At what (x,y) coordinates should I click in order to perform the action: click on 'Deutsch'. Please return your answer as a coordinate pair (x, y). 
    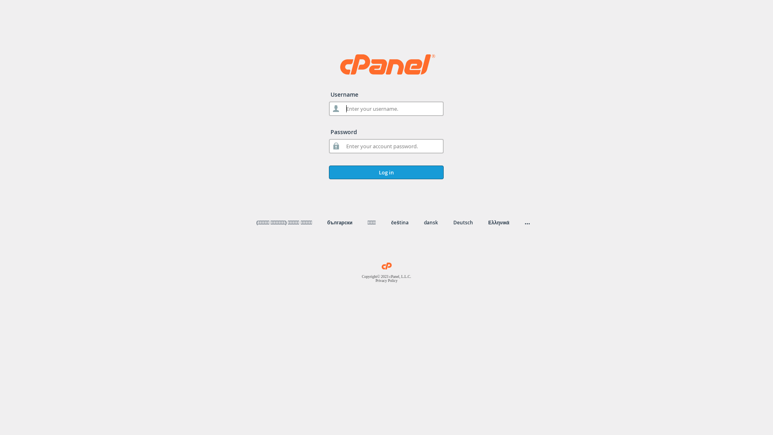
    Looking at the image, I should click on (463, 222).